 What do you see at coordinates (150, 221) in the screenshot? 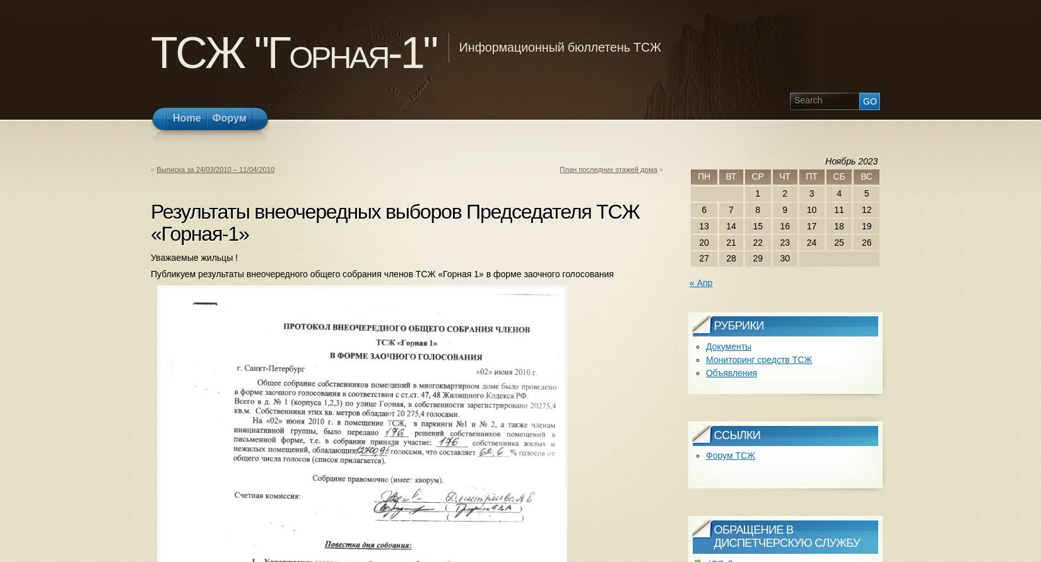
I see `'Результаты внеочередных выборов Председателя ТСЖ «Горная-1»'` at bounding box center [150, 221].